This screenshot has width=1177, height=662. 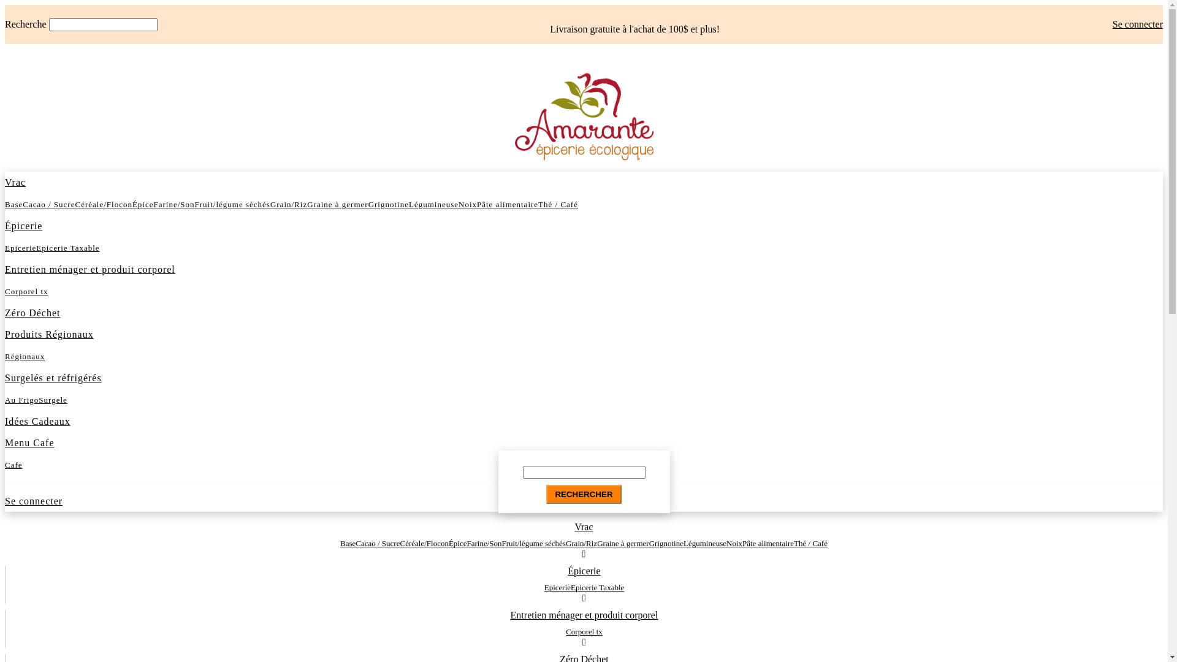 I want to click on 'Farine/Son', so click(x=173, y=204).